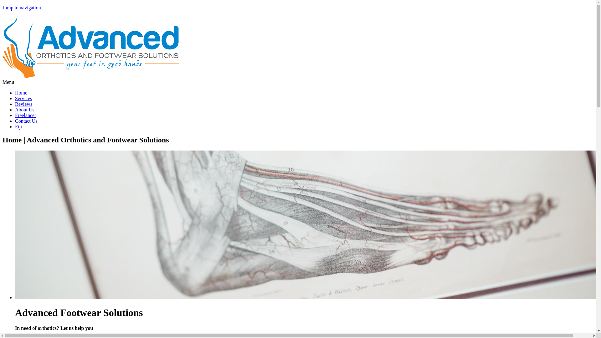 Image resolution: width=601 pixels, height=338 pixels. I want to click on 'Fiji', so click(18, 126).